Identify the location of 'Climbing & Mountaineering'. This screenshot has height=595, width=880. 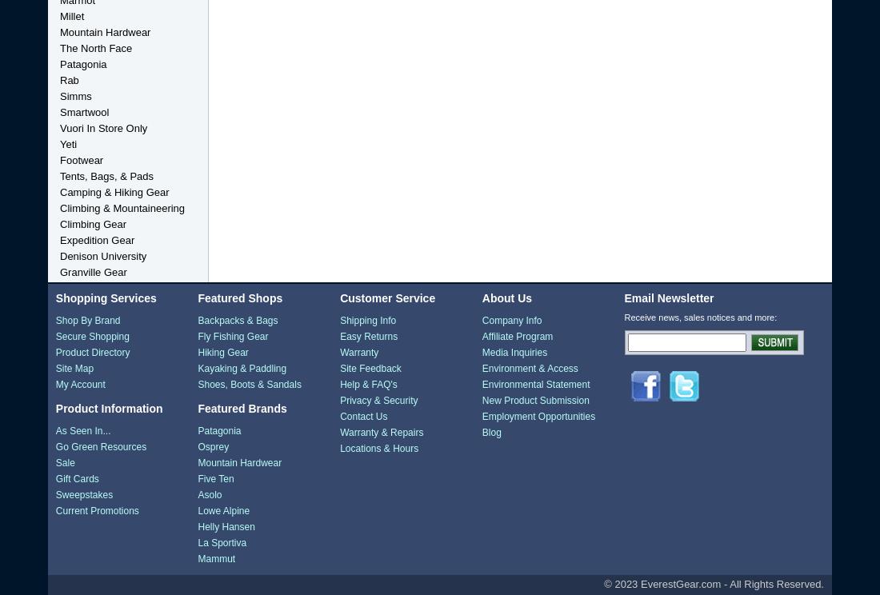
(122, 208).